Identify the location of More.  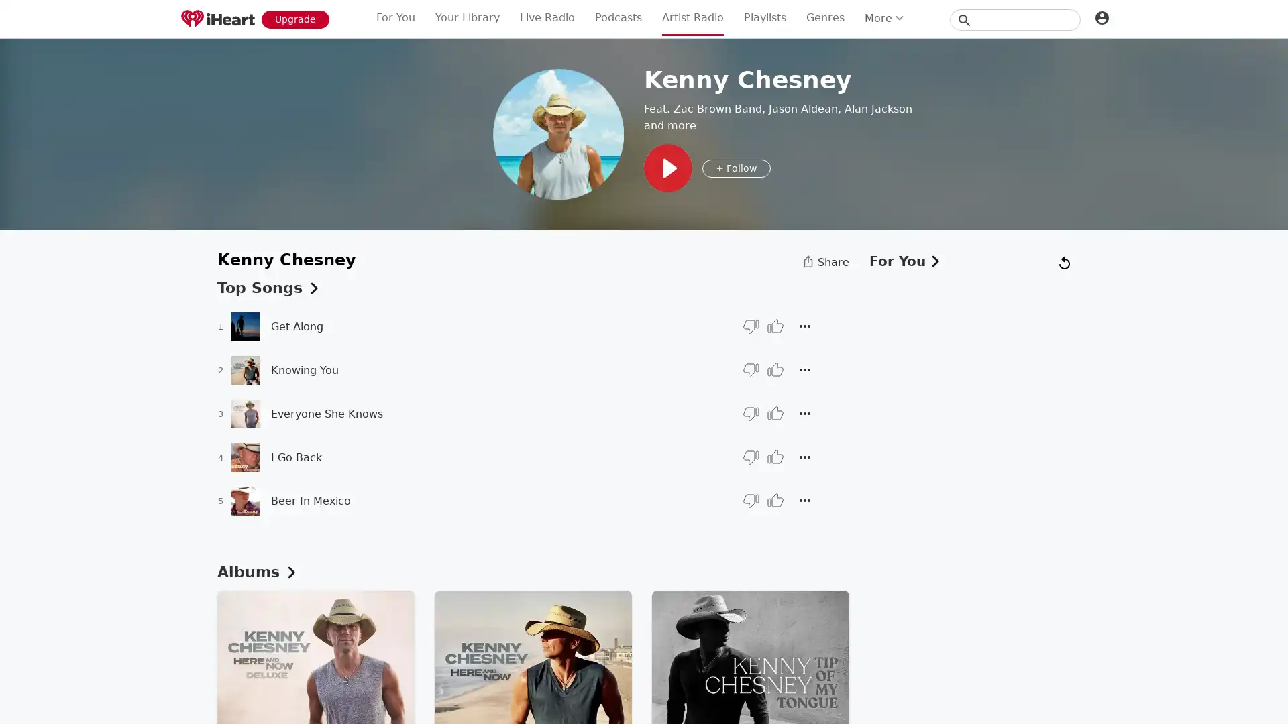
(804, 457).